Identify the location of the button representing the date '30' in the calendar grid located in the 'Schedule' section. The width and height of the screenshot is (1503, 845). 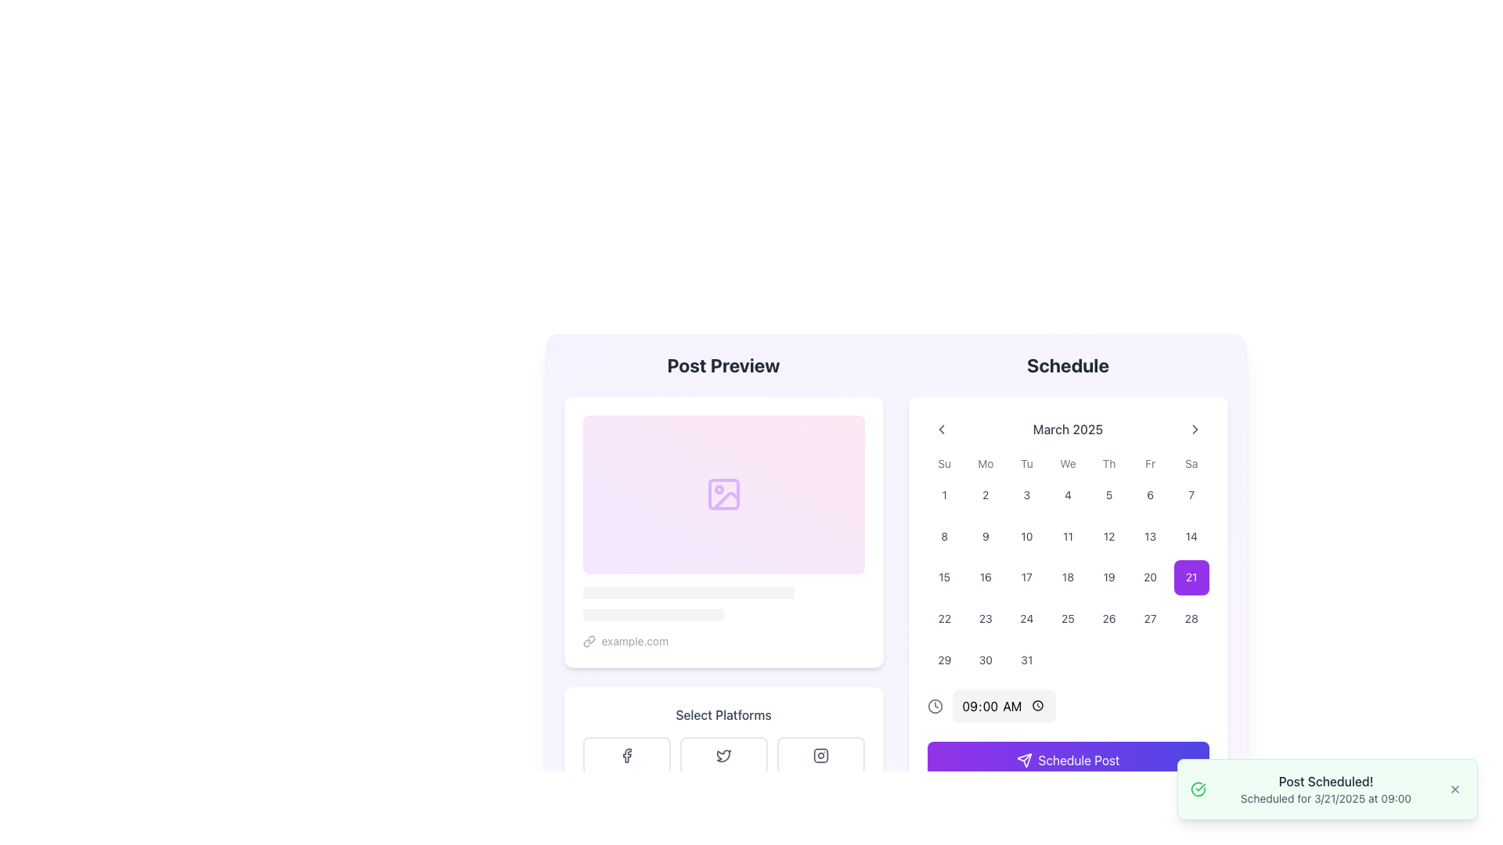
(985, 660).